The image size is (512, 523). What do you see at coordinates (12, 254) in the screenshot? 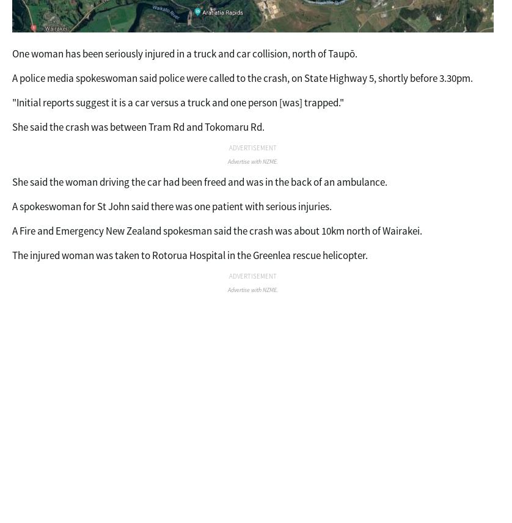
I see `'The injured woman was taken to Rotorua Hospital in the Greenlea rescue helicopter.'` at bounding box center [12, 254].